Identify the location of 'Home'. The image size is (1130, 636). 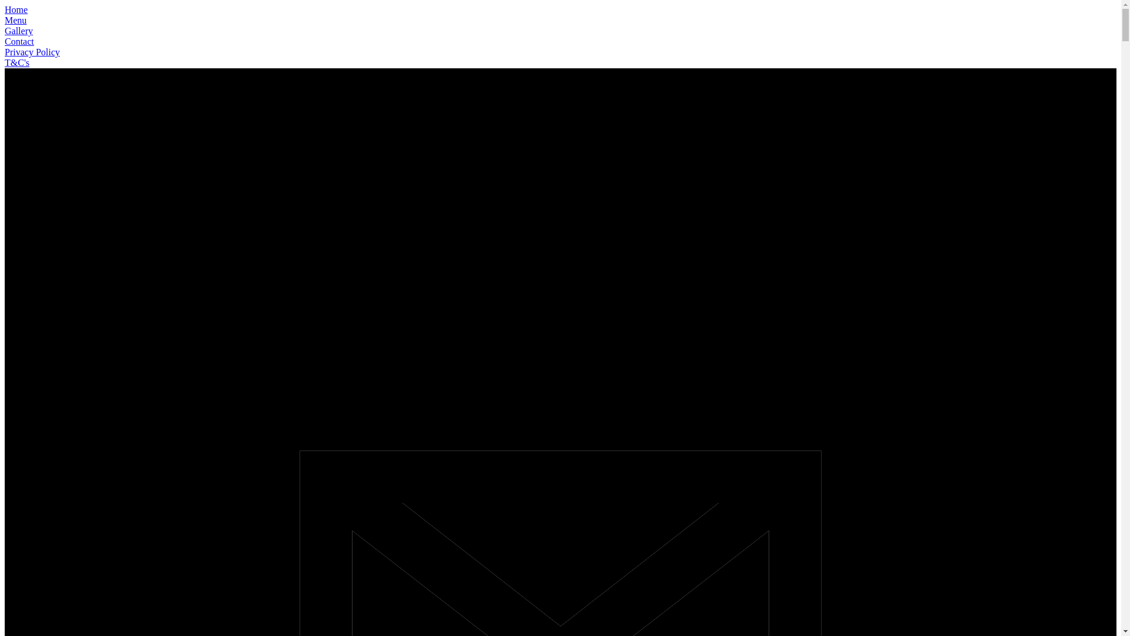
(16, 9).